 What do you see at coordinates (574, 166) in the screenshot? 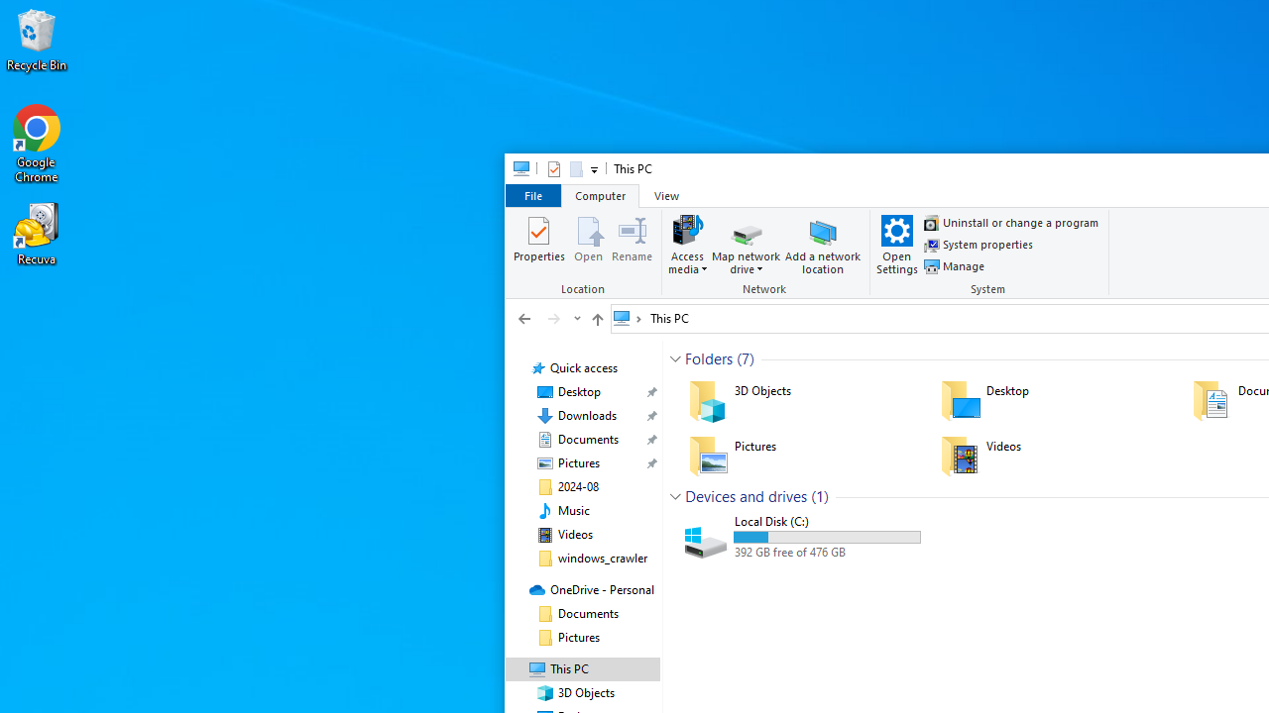
I see `'New folder'` at bounding box center [574, 166].